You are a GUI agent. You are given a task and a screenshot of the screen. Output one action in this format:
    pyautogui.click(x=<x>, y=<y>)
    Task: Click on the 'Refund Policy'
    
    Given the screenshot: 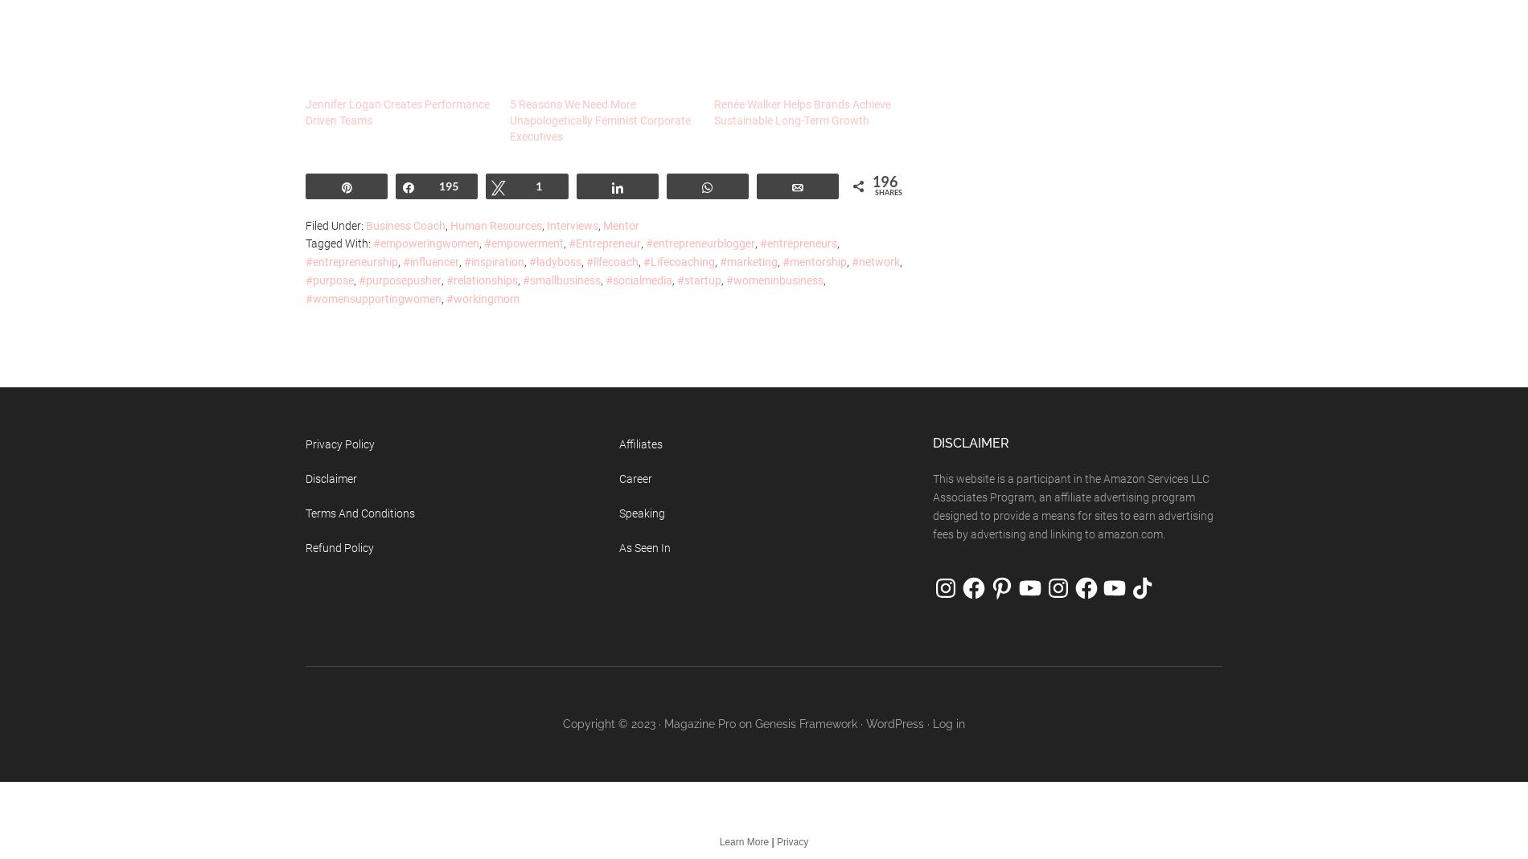 What is the action you would take?
    pyautogui.click(x=339, y=546)
    